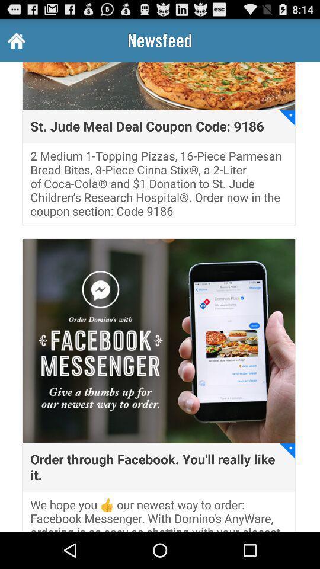 The height and width of the screenshot is (569, 320). I want to click on st jude meal icon, so click(147, 126).